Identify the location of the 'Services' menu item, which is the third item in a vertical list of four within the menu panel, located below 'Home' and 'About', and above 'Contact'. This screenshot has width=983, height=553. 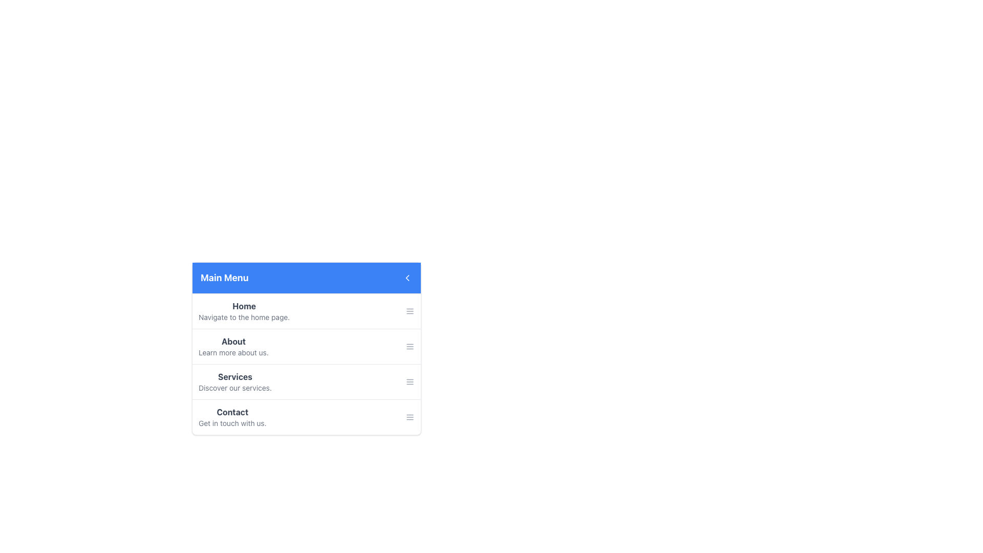
(306, 381).